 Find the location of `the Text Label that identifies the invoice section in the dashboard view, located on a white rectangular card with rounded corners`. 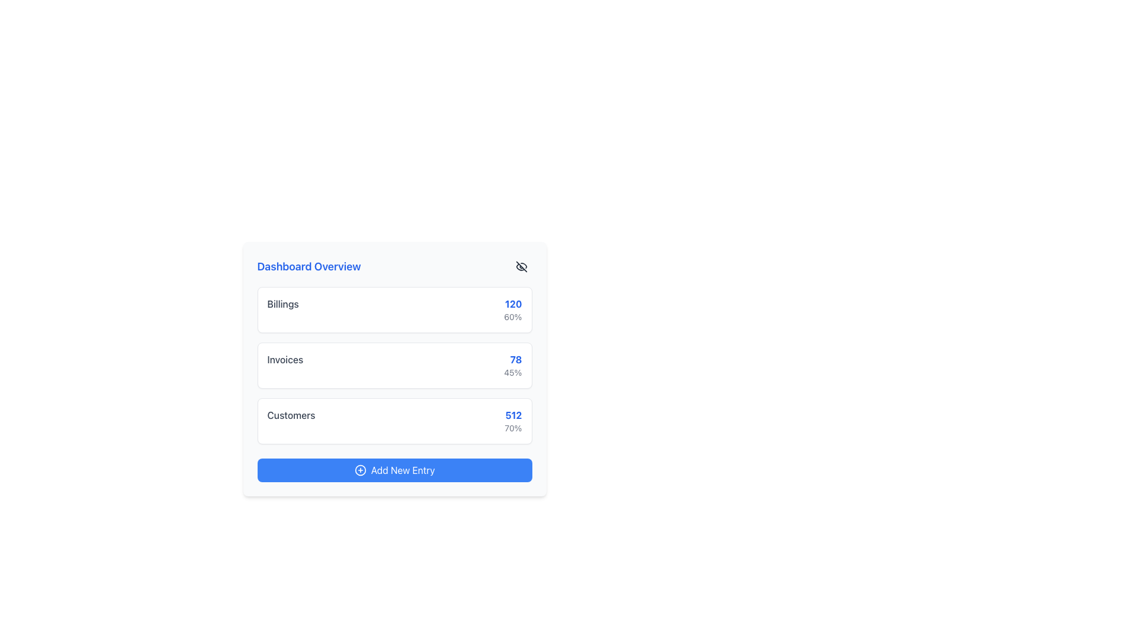

the Text Label that identifies the invoice section in the dashboard view, located on a white rectangular card with rounded corners is located at coordinates (285, 364).